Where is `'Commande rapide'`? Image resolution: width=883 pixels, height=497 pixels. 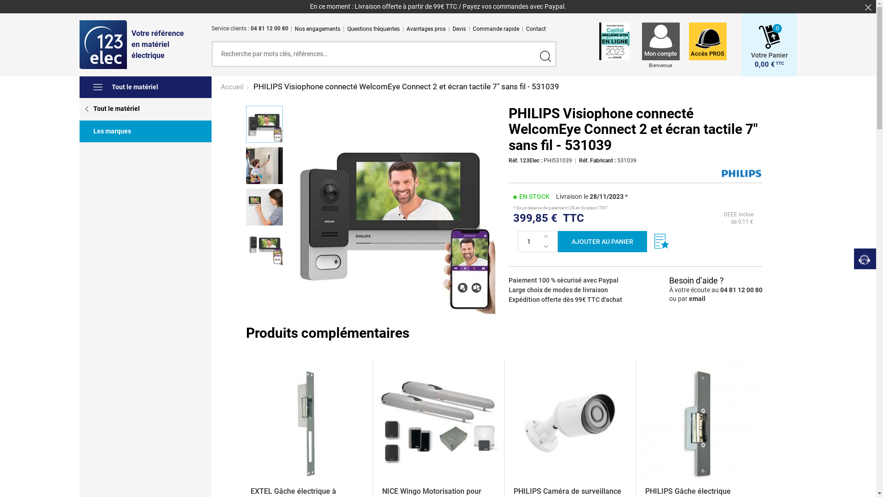
'Commande rapide' is located at coordinates (495, 28).